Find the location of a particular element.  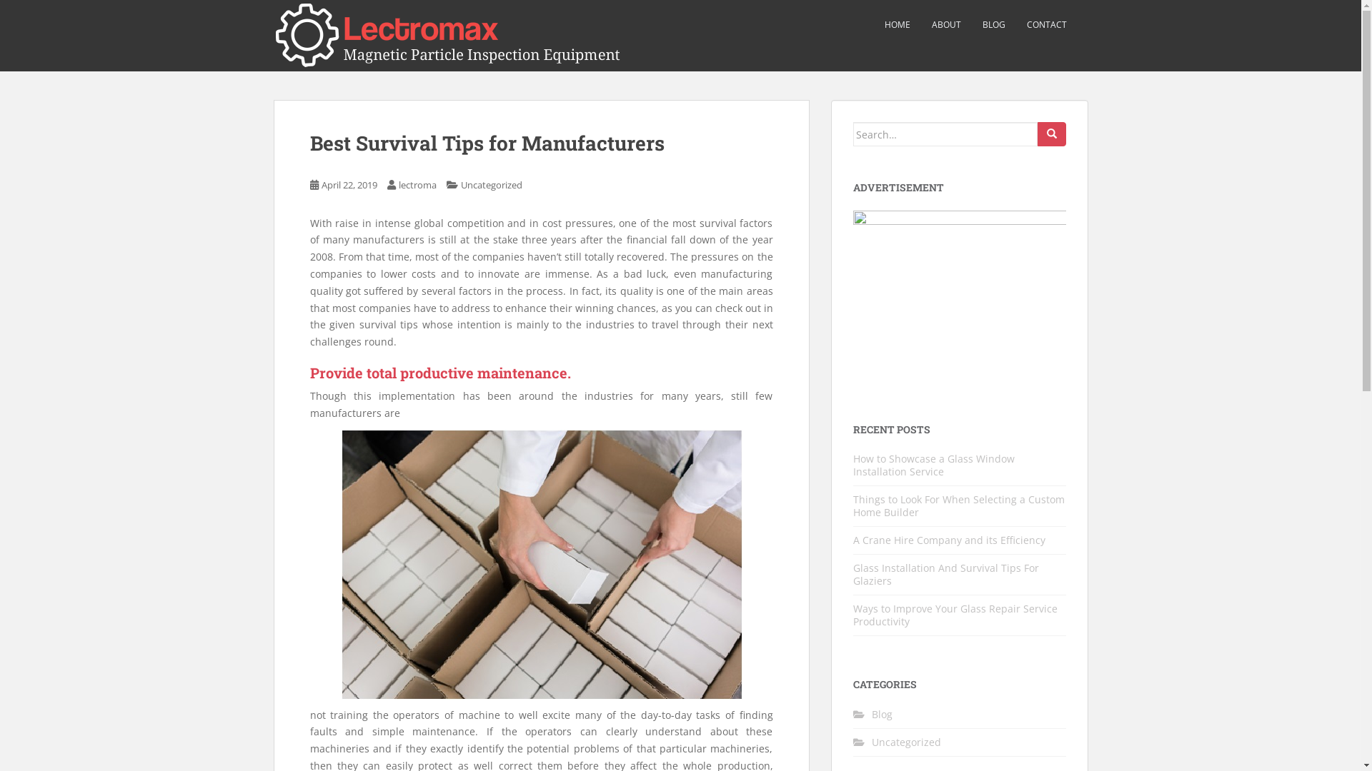

'A Crane Hire Company and its Efficiency' is located at coordinates (949, 540).